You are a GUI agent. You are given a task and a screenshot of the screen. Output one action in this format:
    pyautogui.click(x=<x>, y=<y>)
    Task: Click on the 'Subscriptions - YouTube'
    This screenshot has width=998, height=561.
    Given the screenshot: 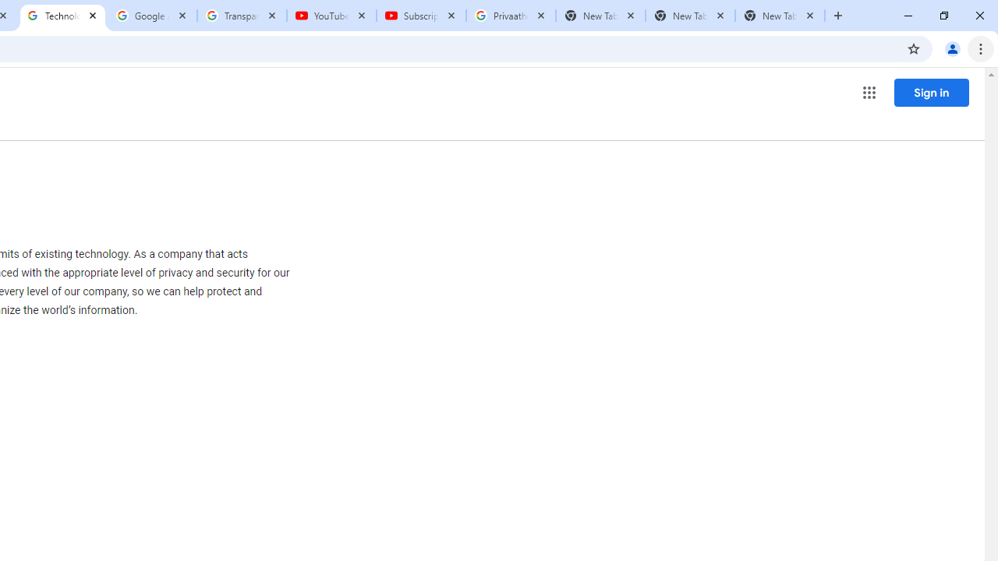 What is the action you would take?
    pyautogui.click(x=421, y=16)
    